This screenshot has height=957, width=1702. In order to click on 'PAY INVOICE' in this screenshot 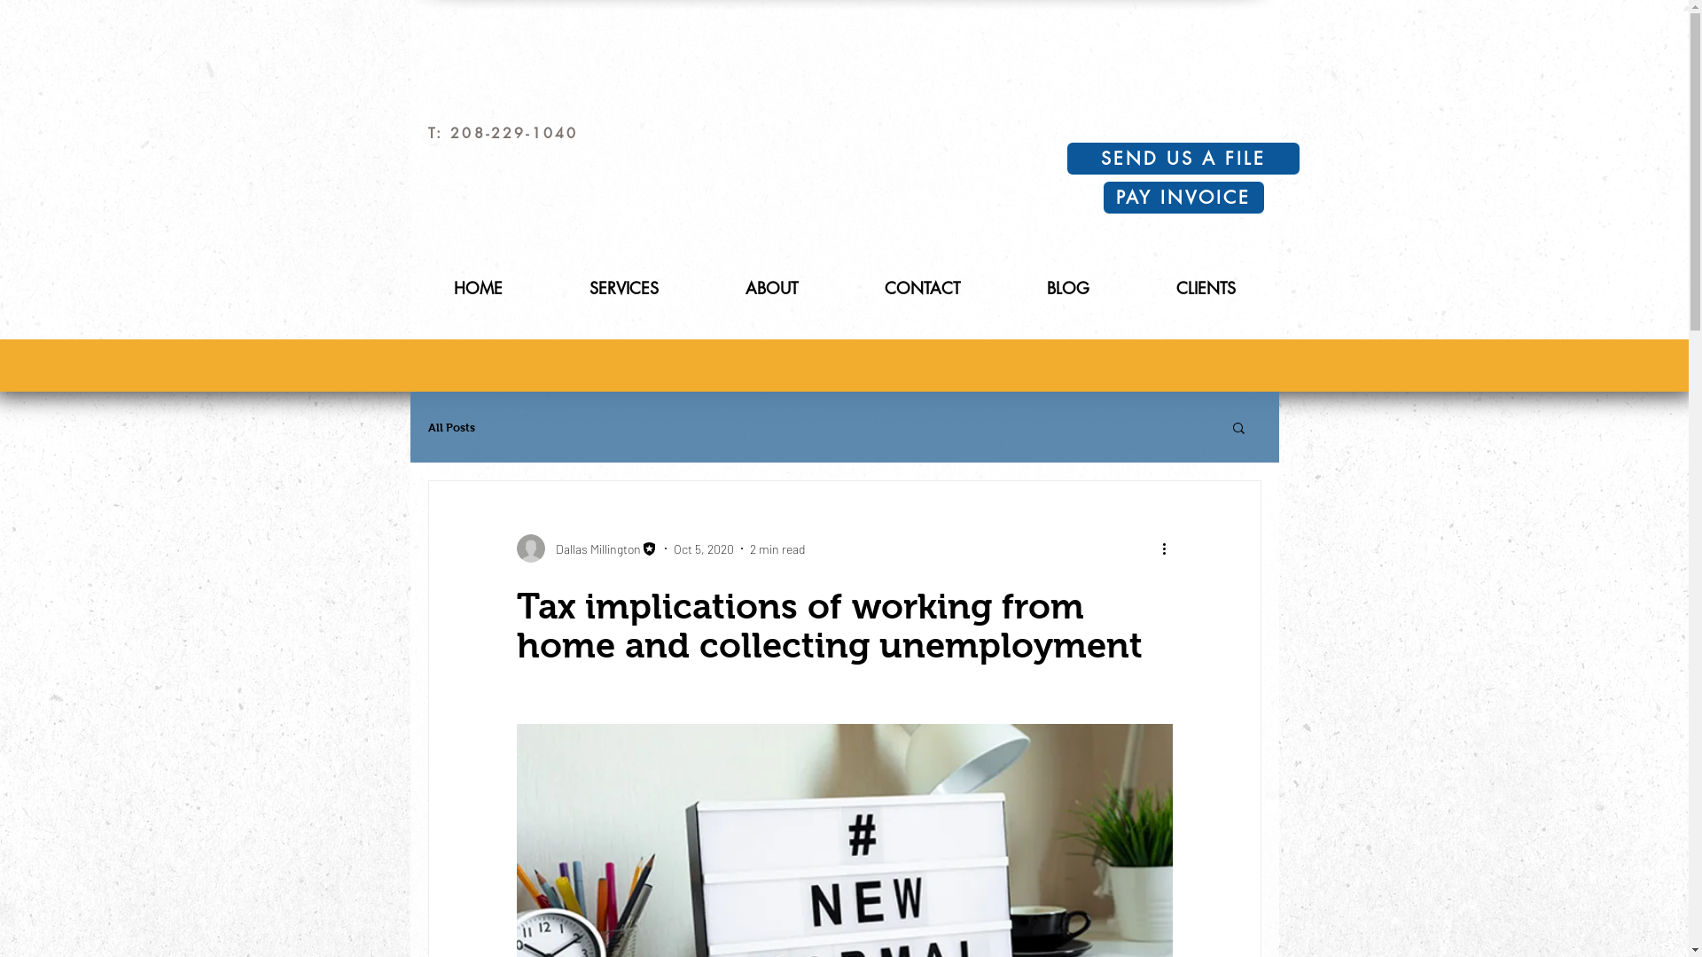, I will do `click(1183, 198)`.